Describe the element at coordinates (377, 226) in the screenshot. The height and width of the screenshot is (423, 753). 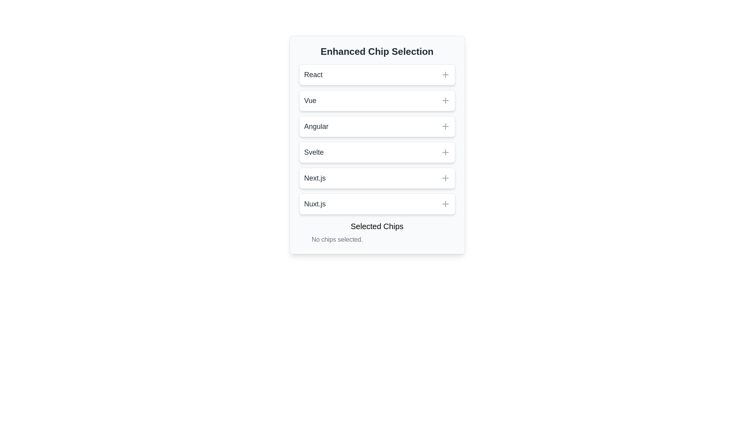
I see `the 'Selected Chips' section heading text label, which is centrally aligned above the text 'No chips selected.'` at that location.